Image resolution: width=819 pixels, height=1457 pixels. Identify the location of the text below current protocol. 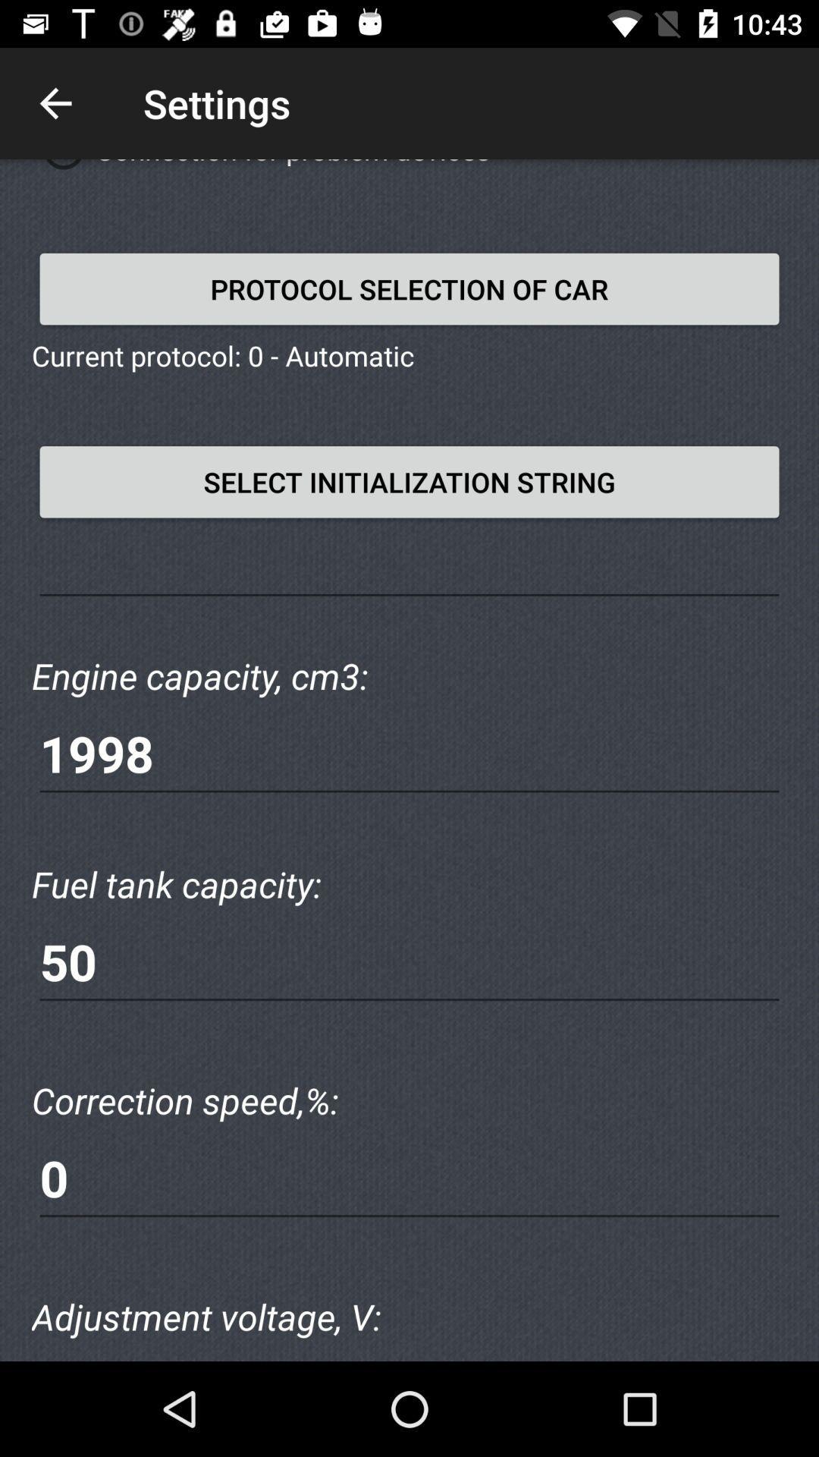
(409, 480).